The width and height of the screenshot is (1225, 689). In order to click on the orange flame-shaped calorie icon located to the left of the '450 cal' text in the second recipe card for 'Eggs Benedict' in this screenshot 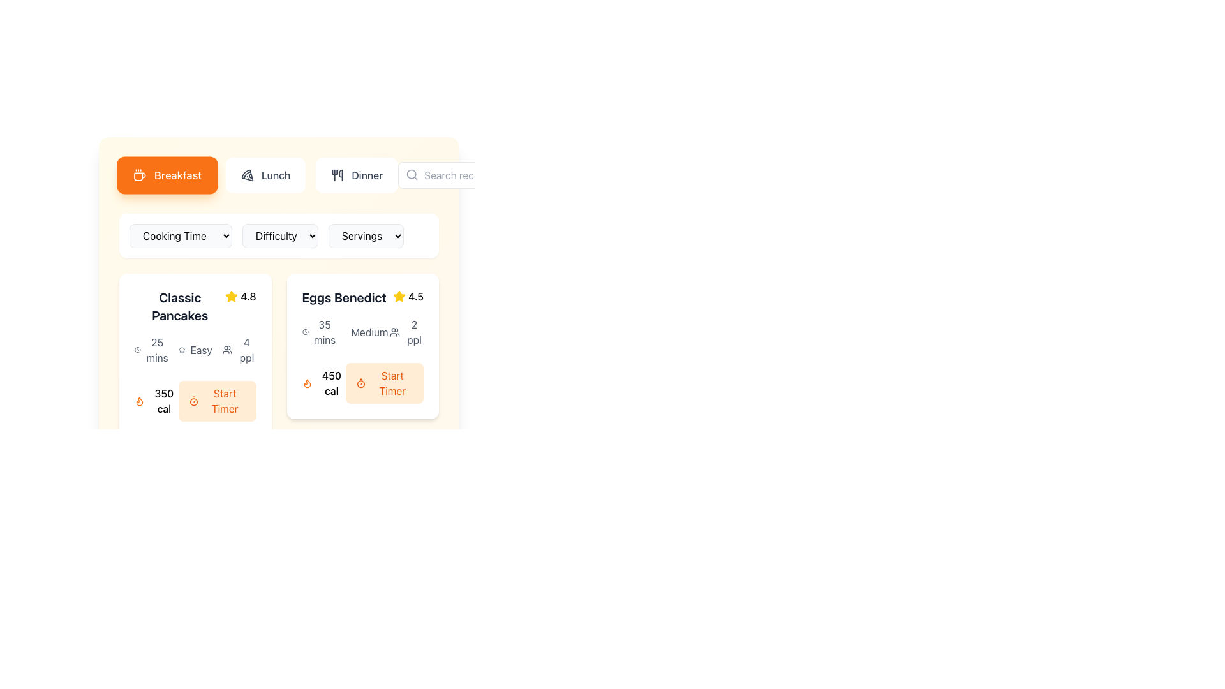, I will do `click(307, 383)`.